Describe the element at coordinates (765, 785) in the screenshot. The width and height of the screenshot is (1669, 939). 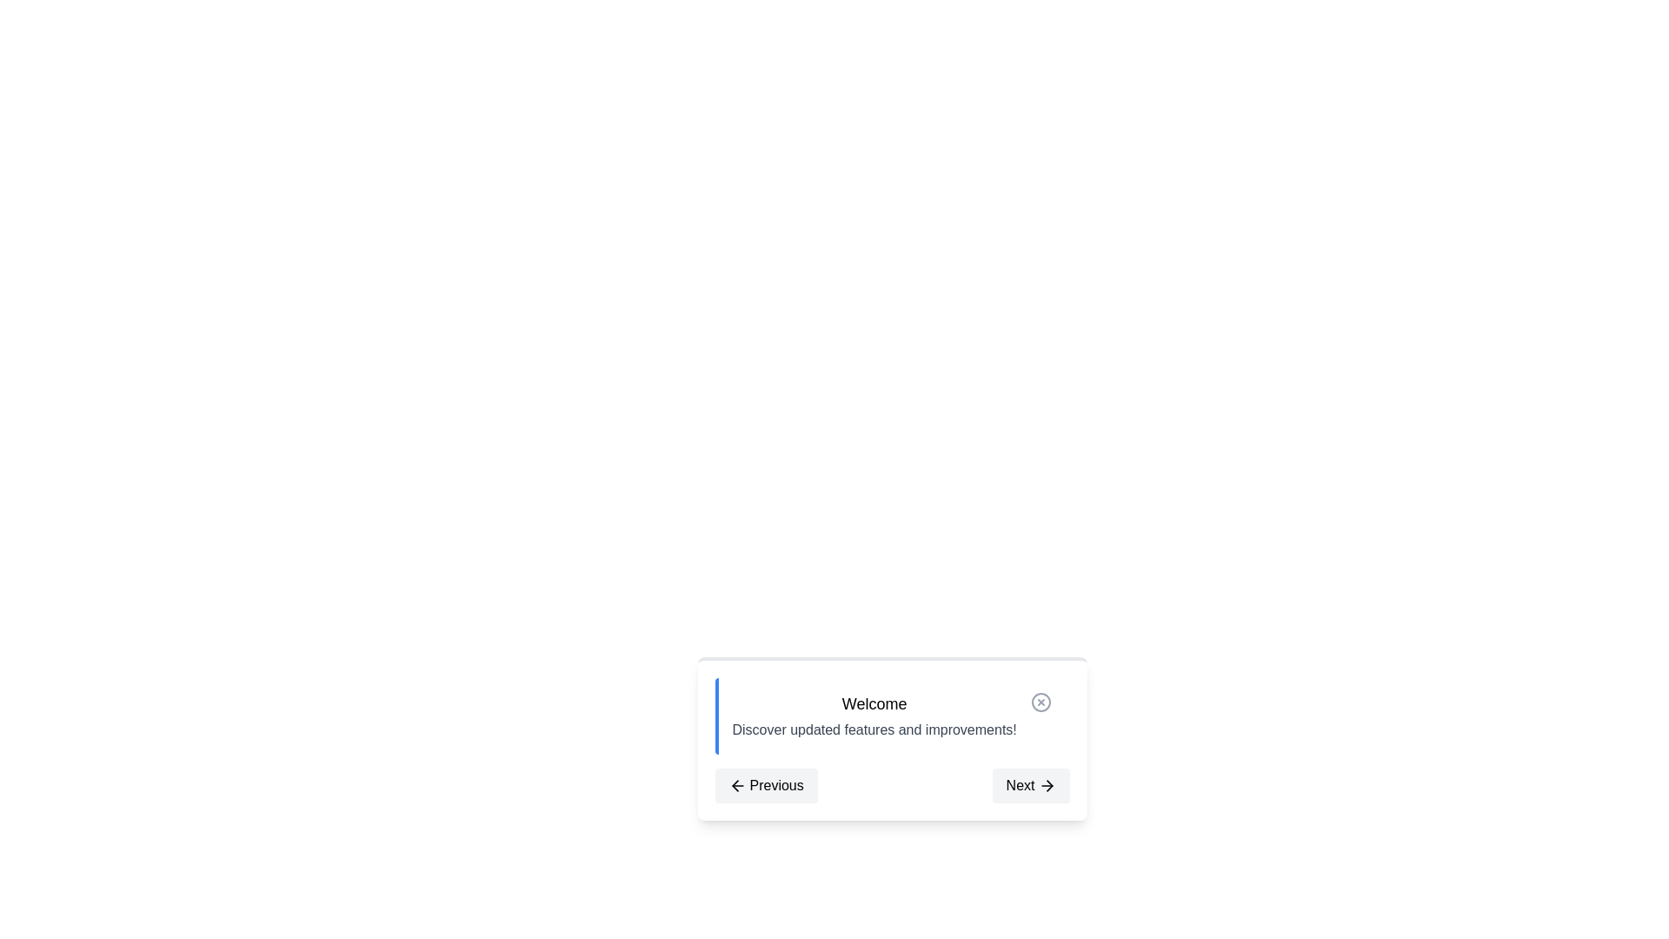
I see `the 'Previous' button located at the bottom-left corner of the interface` at that location.